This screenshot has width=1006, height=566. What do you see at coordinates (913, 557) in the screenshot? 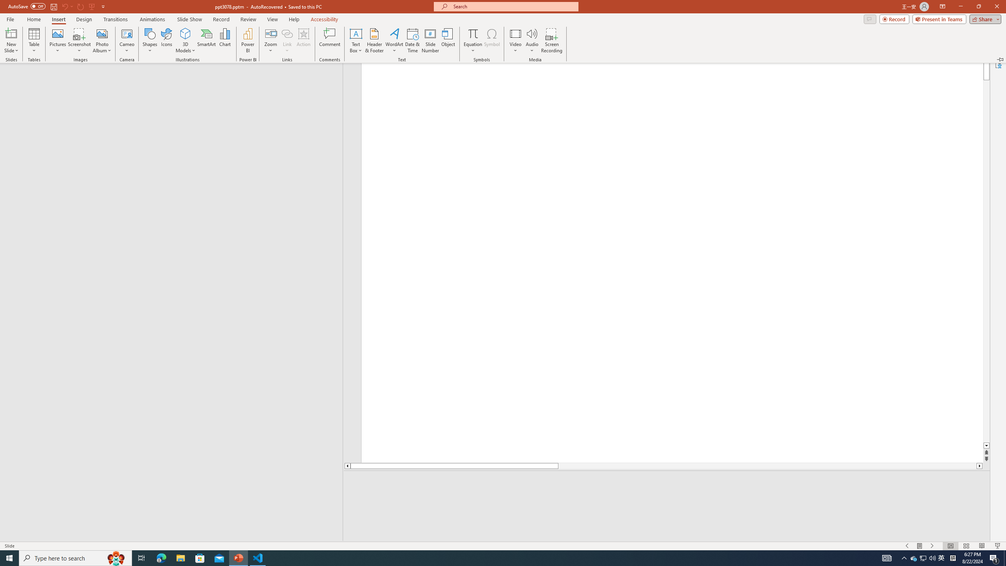
I see `'Slide Show Next On'` at bounding box center [913, 557].